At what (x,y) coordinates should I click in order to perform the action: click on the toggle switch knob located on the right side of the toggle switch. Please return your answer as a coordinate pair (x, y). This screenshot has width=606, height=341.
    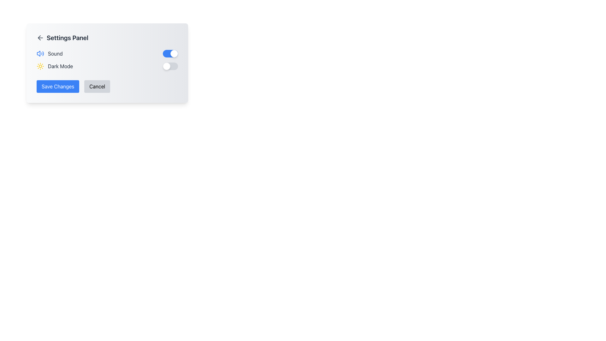
    Looking at the image, I should click on (174, 53).